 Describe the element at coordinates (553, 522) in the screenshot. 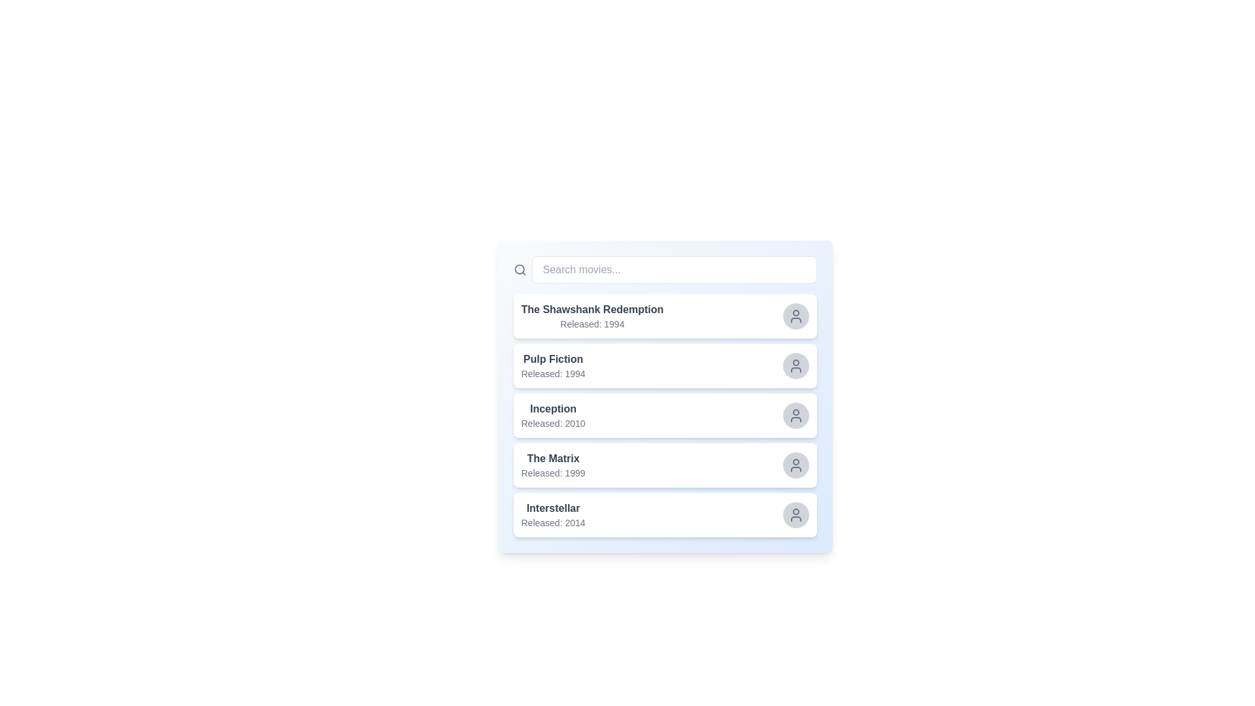

I see `the non-interactive text label displaying the release year of the movie 'Interstellar', which is located below the movie title in a vertically stacked list` at that location.